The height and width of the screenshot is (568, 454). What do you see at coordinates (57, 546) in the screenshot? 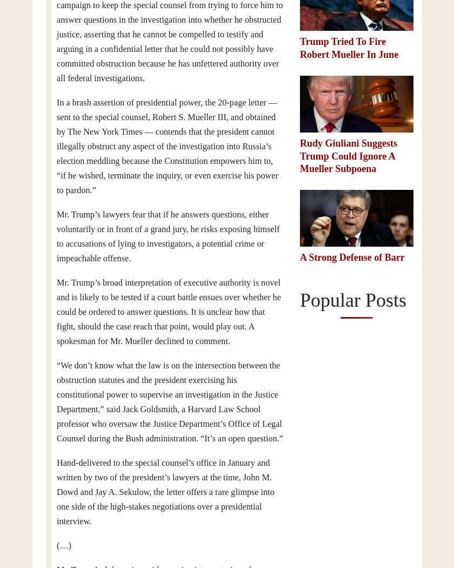
I see `'(…)'` at bounding box center [57, 546].